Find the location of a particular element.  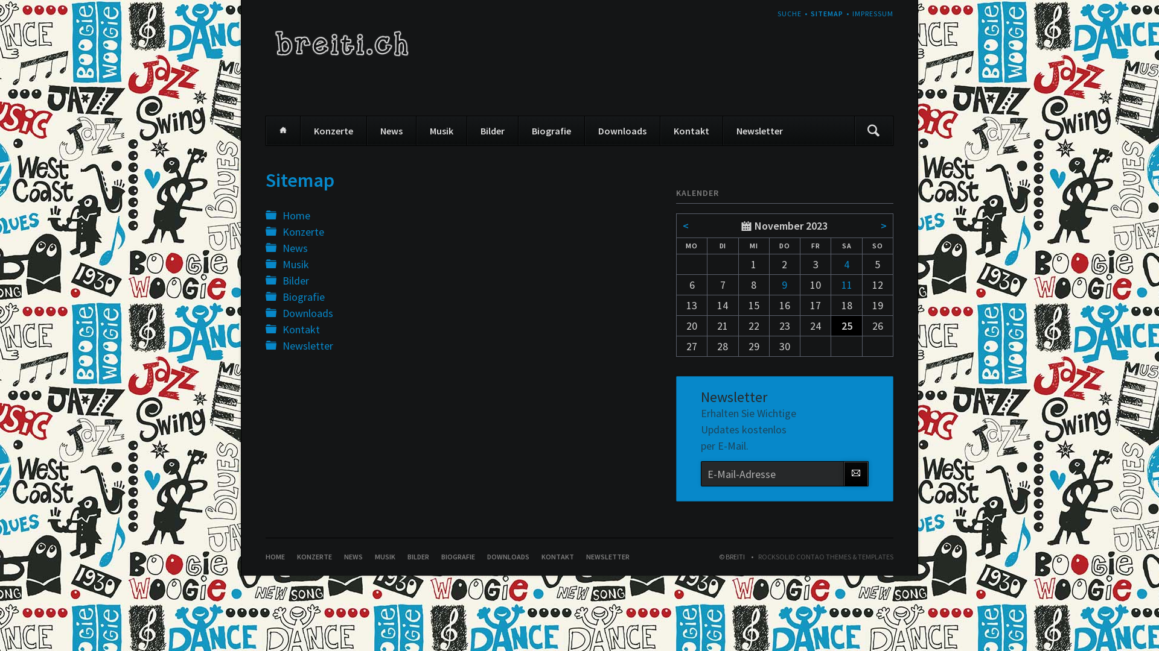

'ROCKSOLID CONTAO THEMES & TEMPLATES' is located at coordinates (820, 556).